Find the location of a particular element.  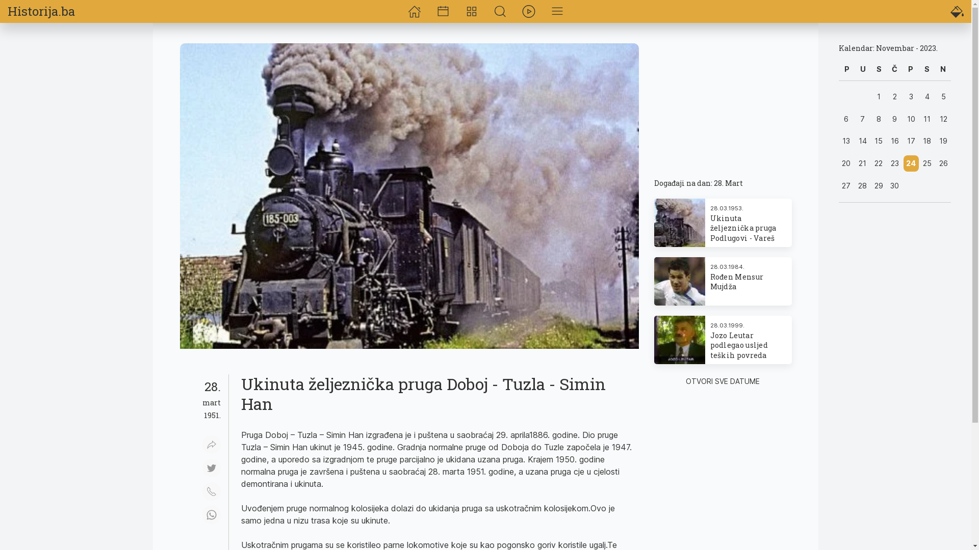

'6' is located at coordinates (846, 119).